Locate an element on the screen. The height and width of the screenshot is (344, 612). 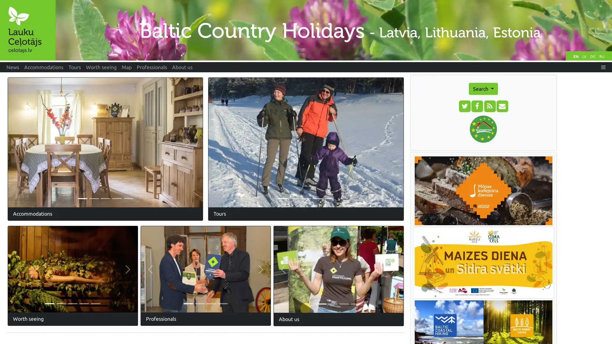
Previous is located at coordinates (283, 269).